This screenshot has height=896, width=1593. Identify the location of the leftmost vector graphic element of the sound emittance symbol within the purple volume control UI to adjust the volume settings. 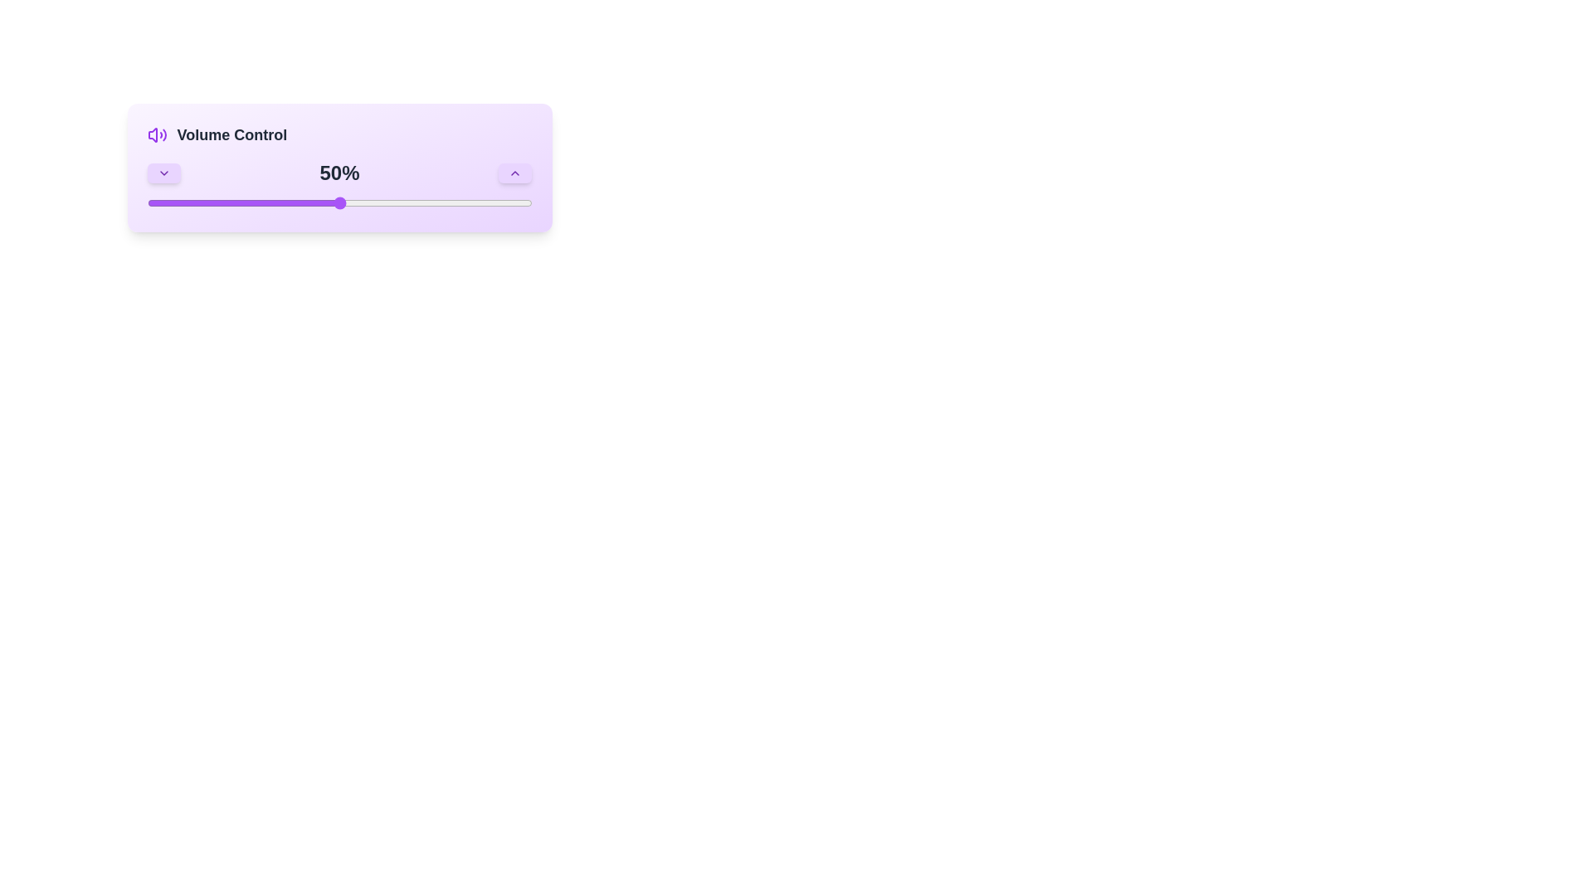
(152, 134).